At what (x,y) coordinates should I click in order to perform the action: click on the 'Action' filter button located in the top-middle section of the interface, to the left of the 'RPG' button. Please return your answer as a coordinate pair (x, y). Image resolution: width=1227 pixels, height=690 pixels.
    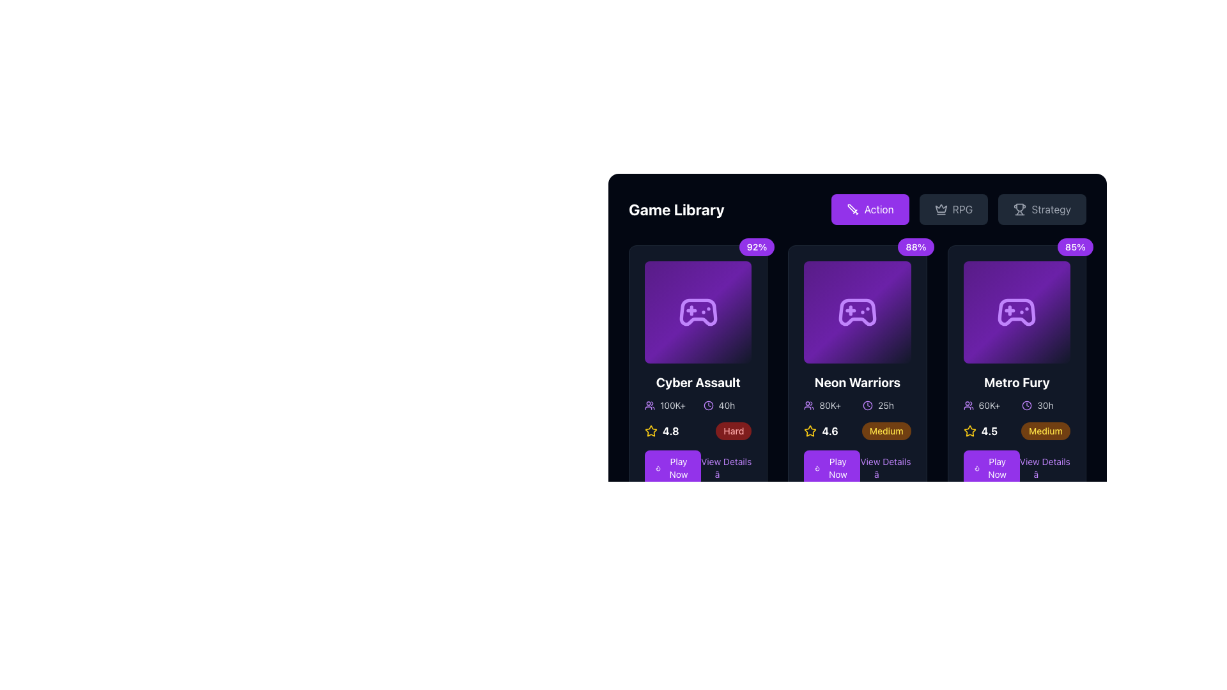
    Looking at the image, I should click on (869, 208).